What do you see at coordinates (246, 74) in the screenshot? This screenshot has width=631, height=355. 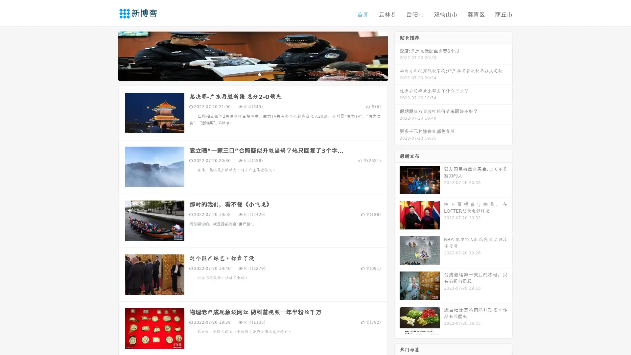 I see `Go to slide 1` at bounding box center [246, 74].